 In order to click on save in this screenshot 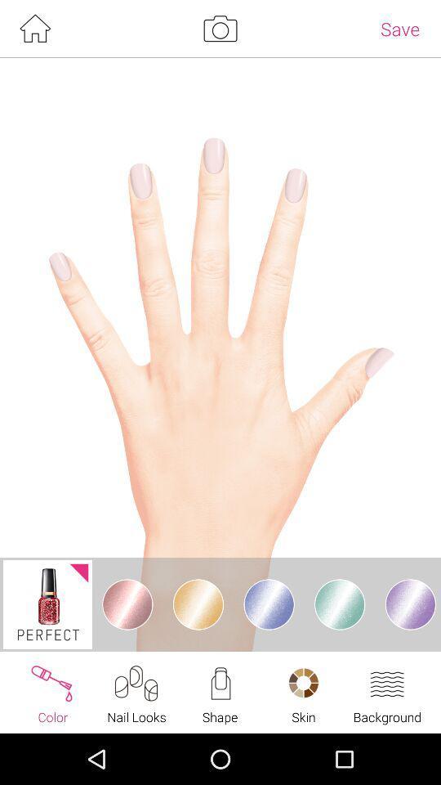, I will do `click(399, 28)`.